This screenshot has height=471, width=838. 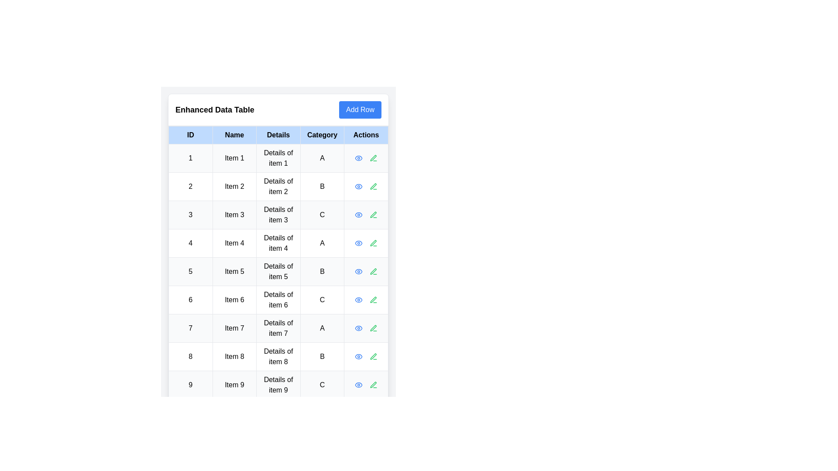 What do you see at coordinates (374, 299) in the screenshot?
I see `the edit icon located in the 'Actions' column of the table for 'Item 6'` at bounding box center [374, 299].